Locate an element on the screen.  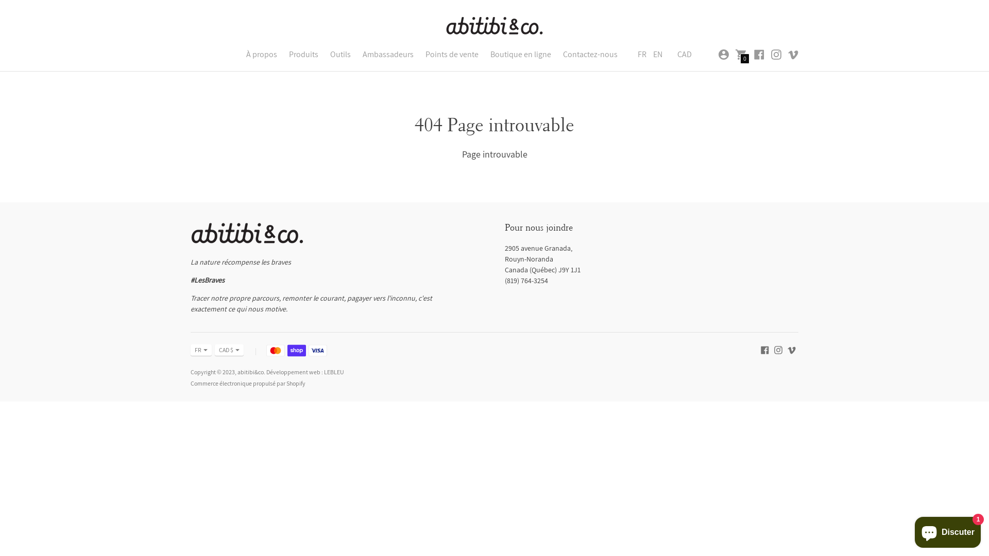
'FR' is located at coordinates (641, 54).